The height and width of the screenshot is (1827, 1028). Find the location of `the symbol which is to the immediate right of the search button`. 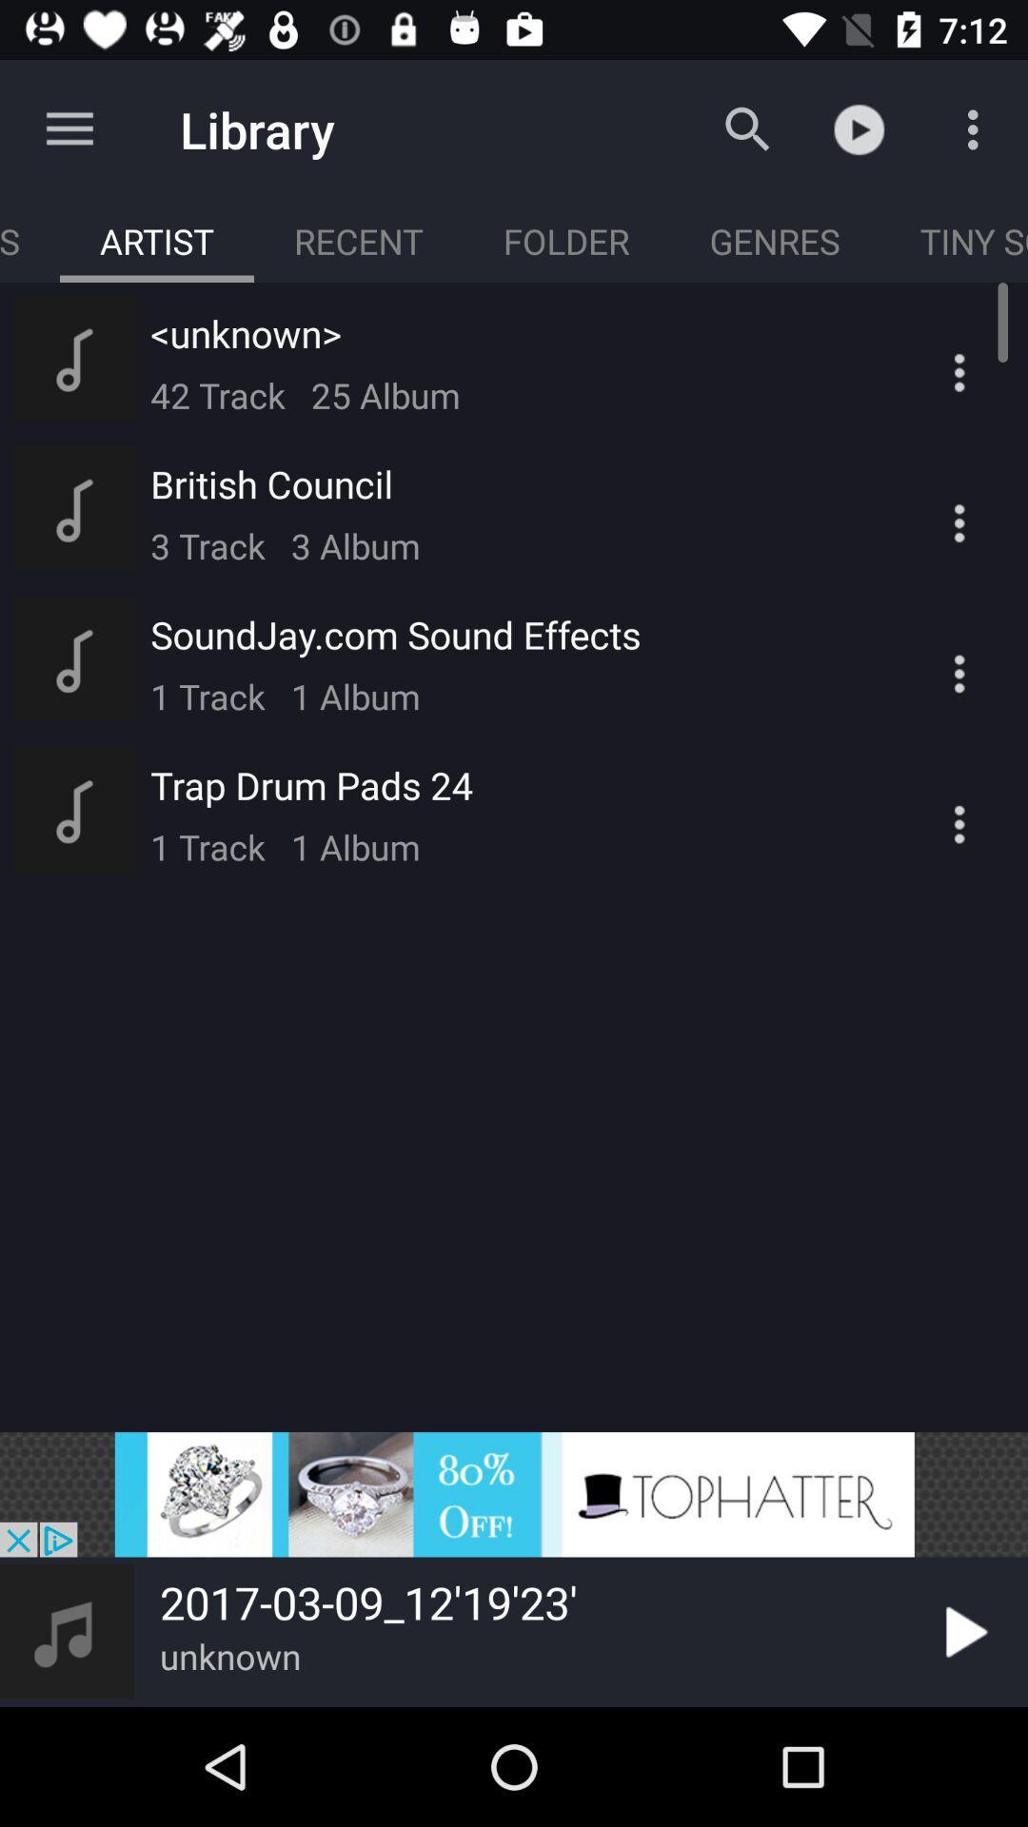

the symbol which is to the immediate right of the search button is located at coordinates (867, 129).